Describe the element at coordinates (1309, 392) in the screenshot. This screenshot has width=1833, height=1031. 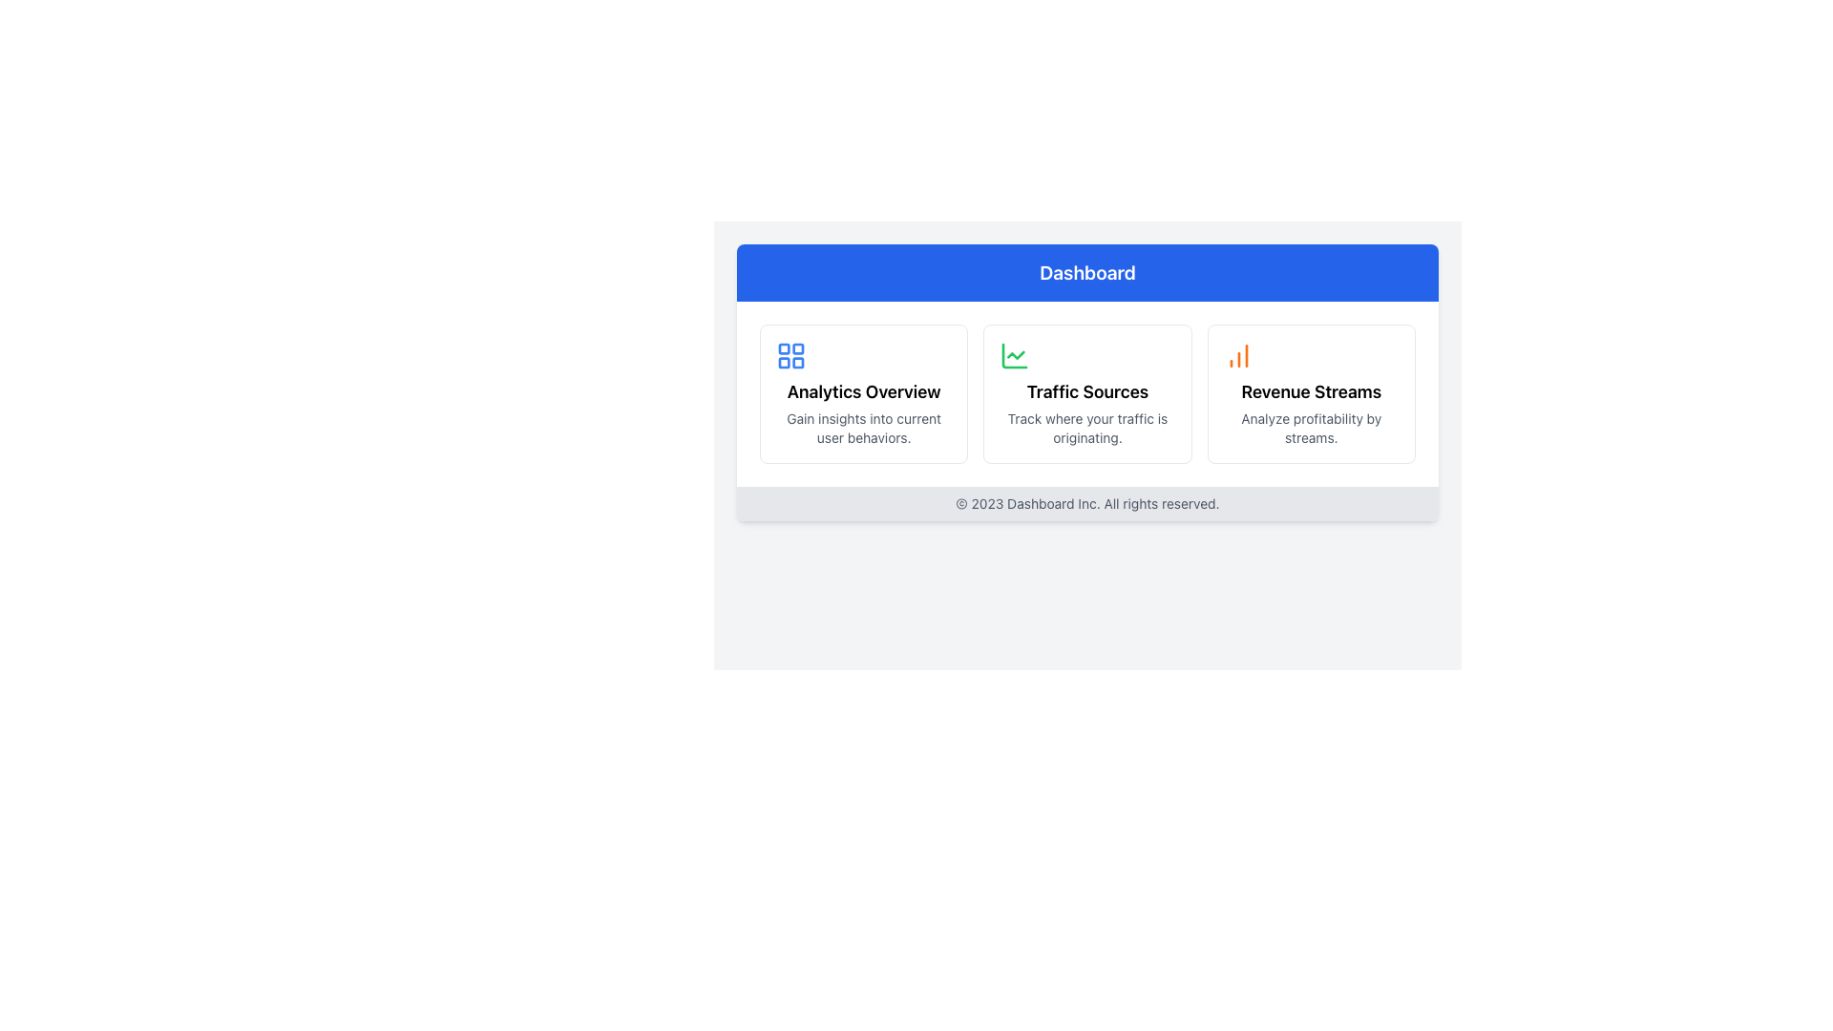
I see `the Informational Card on the Dashboard that provides links for analyzing profitability, located as the third card in a row of three` at that location.